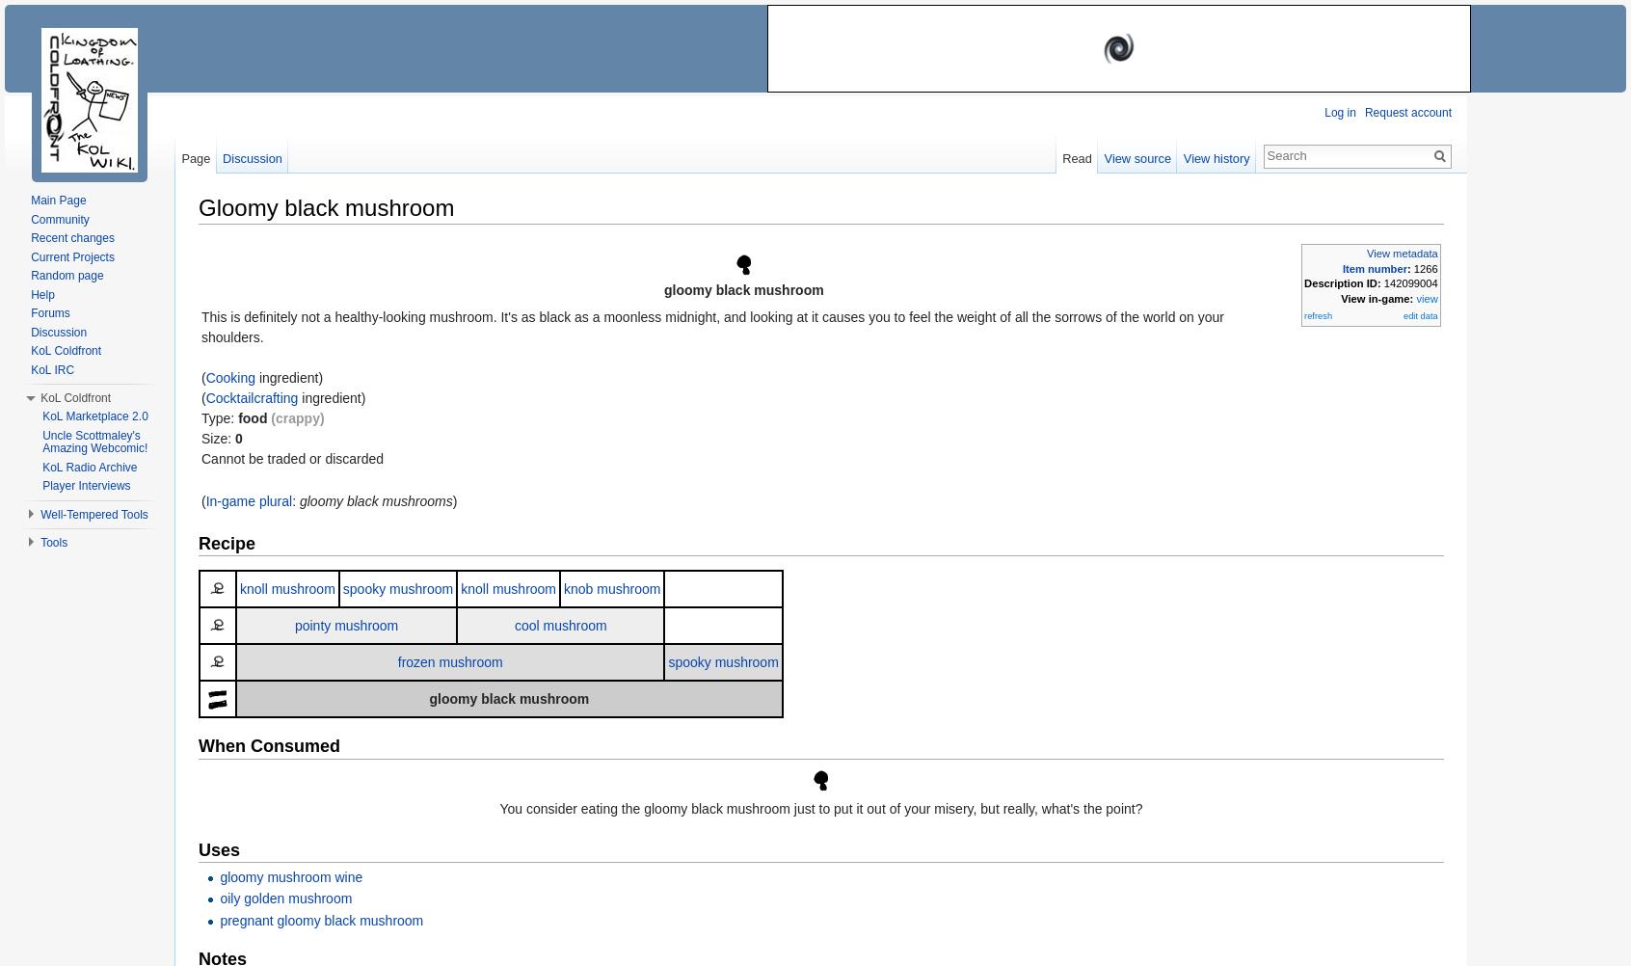 This screenshot has height=966, width=1631. Describe the element at coordinates (513, 624) in the screenshot. I see `'cool mushroom'` at that location.